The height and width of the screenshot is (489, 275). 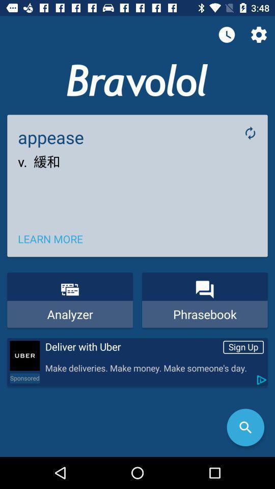 I want to click on search, so click(x=245, y=427).